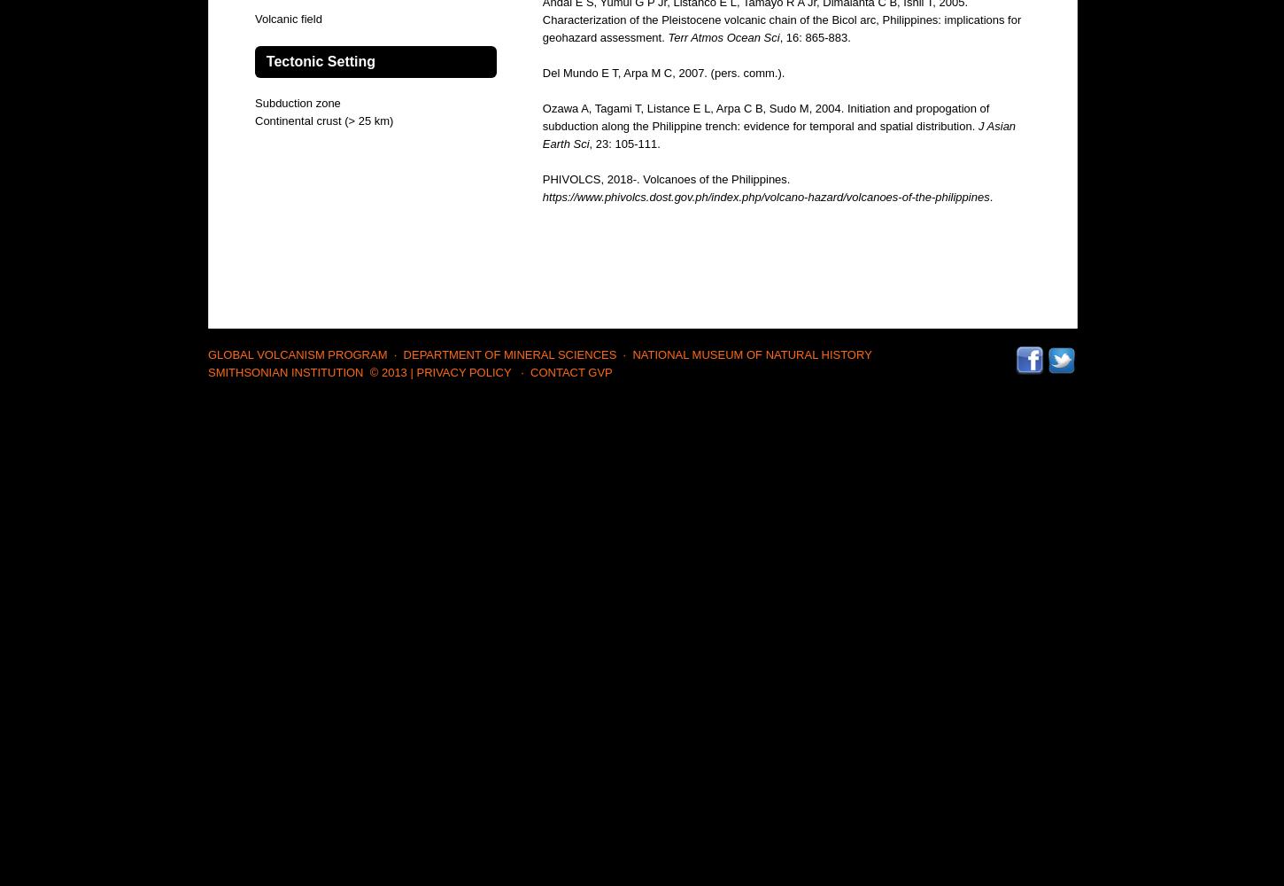 This screenshot has height=886, width=1284. What do you see at coordinates (569, 372) in the screenshot?
I see `'Contact GVP'` at bounding box center [569, 372].